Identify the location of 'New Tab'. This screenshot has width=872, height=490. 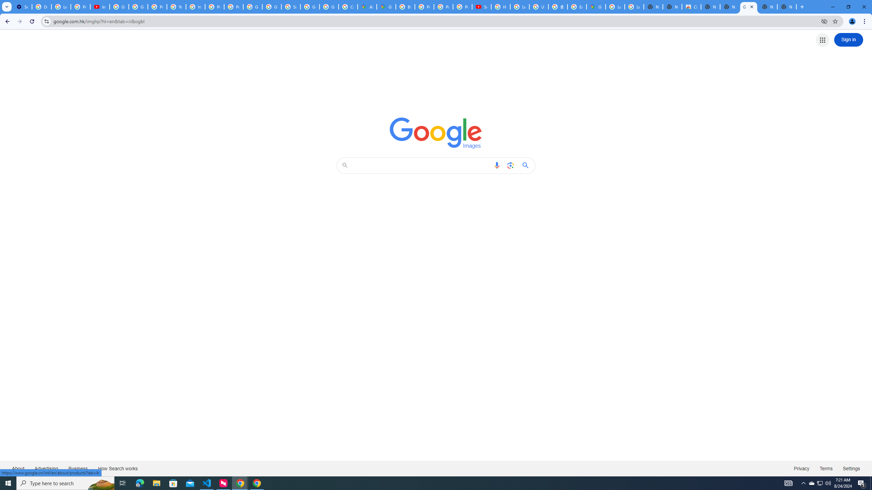
(787, 6).